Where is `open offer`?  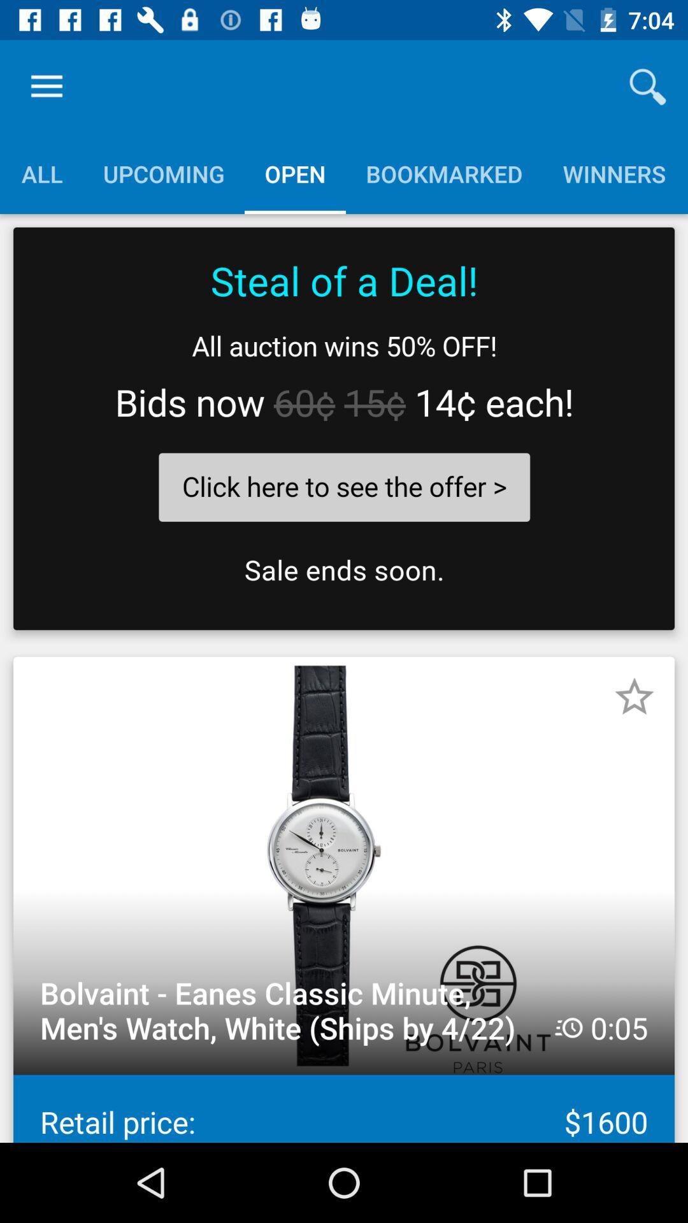
open offer is located at coordinates (344, 429).